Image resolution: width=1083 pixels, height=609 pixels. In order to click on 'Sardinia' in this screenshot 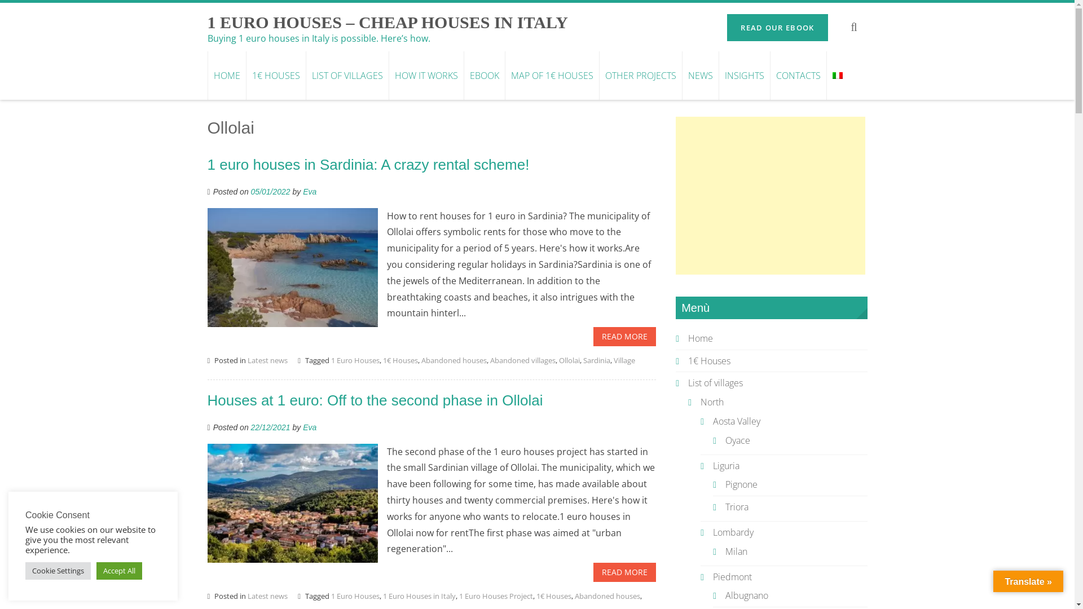, I will do `click(596, 360)`.